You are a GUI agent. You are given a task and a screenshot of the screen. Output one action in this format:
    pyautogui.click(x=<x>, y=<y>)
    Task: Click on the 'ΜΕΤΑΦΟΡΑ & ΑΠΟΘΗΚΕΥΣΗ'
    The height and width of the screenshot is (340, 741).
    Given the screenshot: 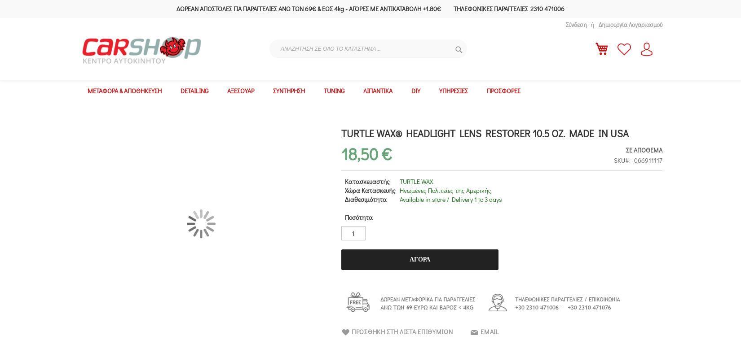 What is the action you would take?
    pyautogui.click(x=124, y=91)
    